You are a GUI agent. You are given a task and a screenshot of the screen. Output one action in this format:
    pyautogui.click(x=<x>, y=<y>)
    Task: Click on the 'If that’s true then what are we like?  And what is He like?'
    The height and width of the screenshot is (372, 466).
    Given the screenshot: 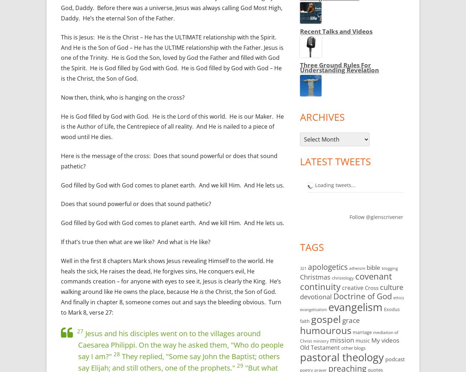 What is the action you would take?
    pyautogui.click(x=135, y=241)
    